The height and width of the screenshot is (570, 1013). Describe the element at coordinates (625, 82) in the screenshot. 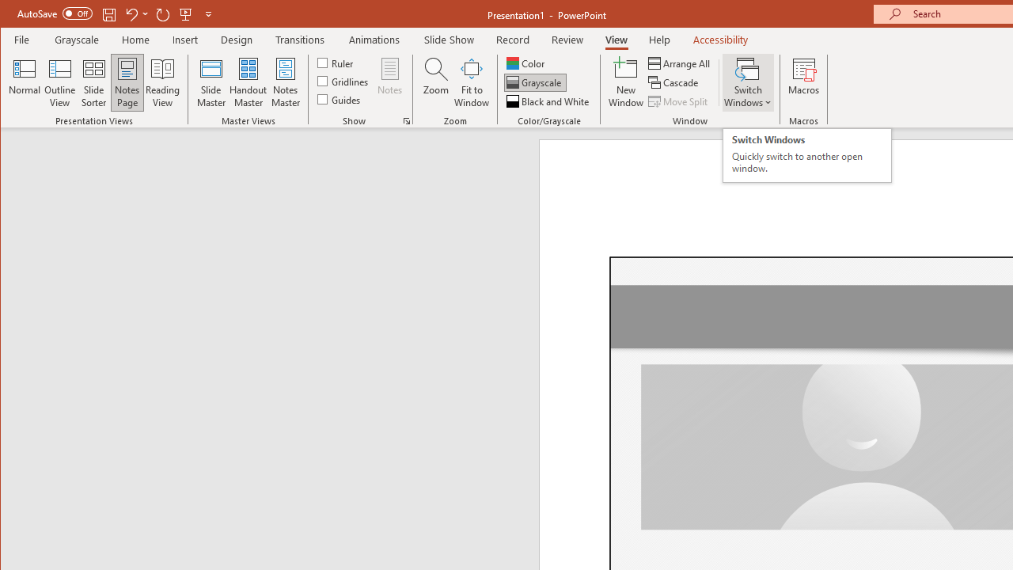

I see `'New Window'` at that location.